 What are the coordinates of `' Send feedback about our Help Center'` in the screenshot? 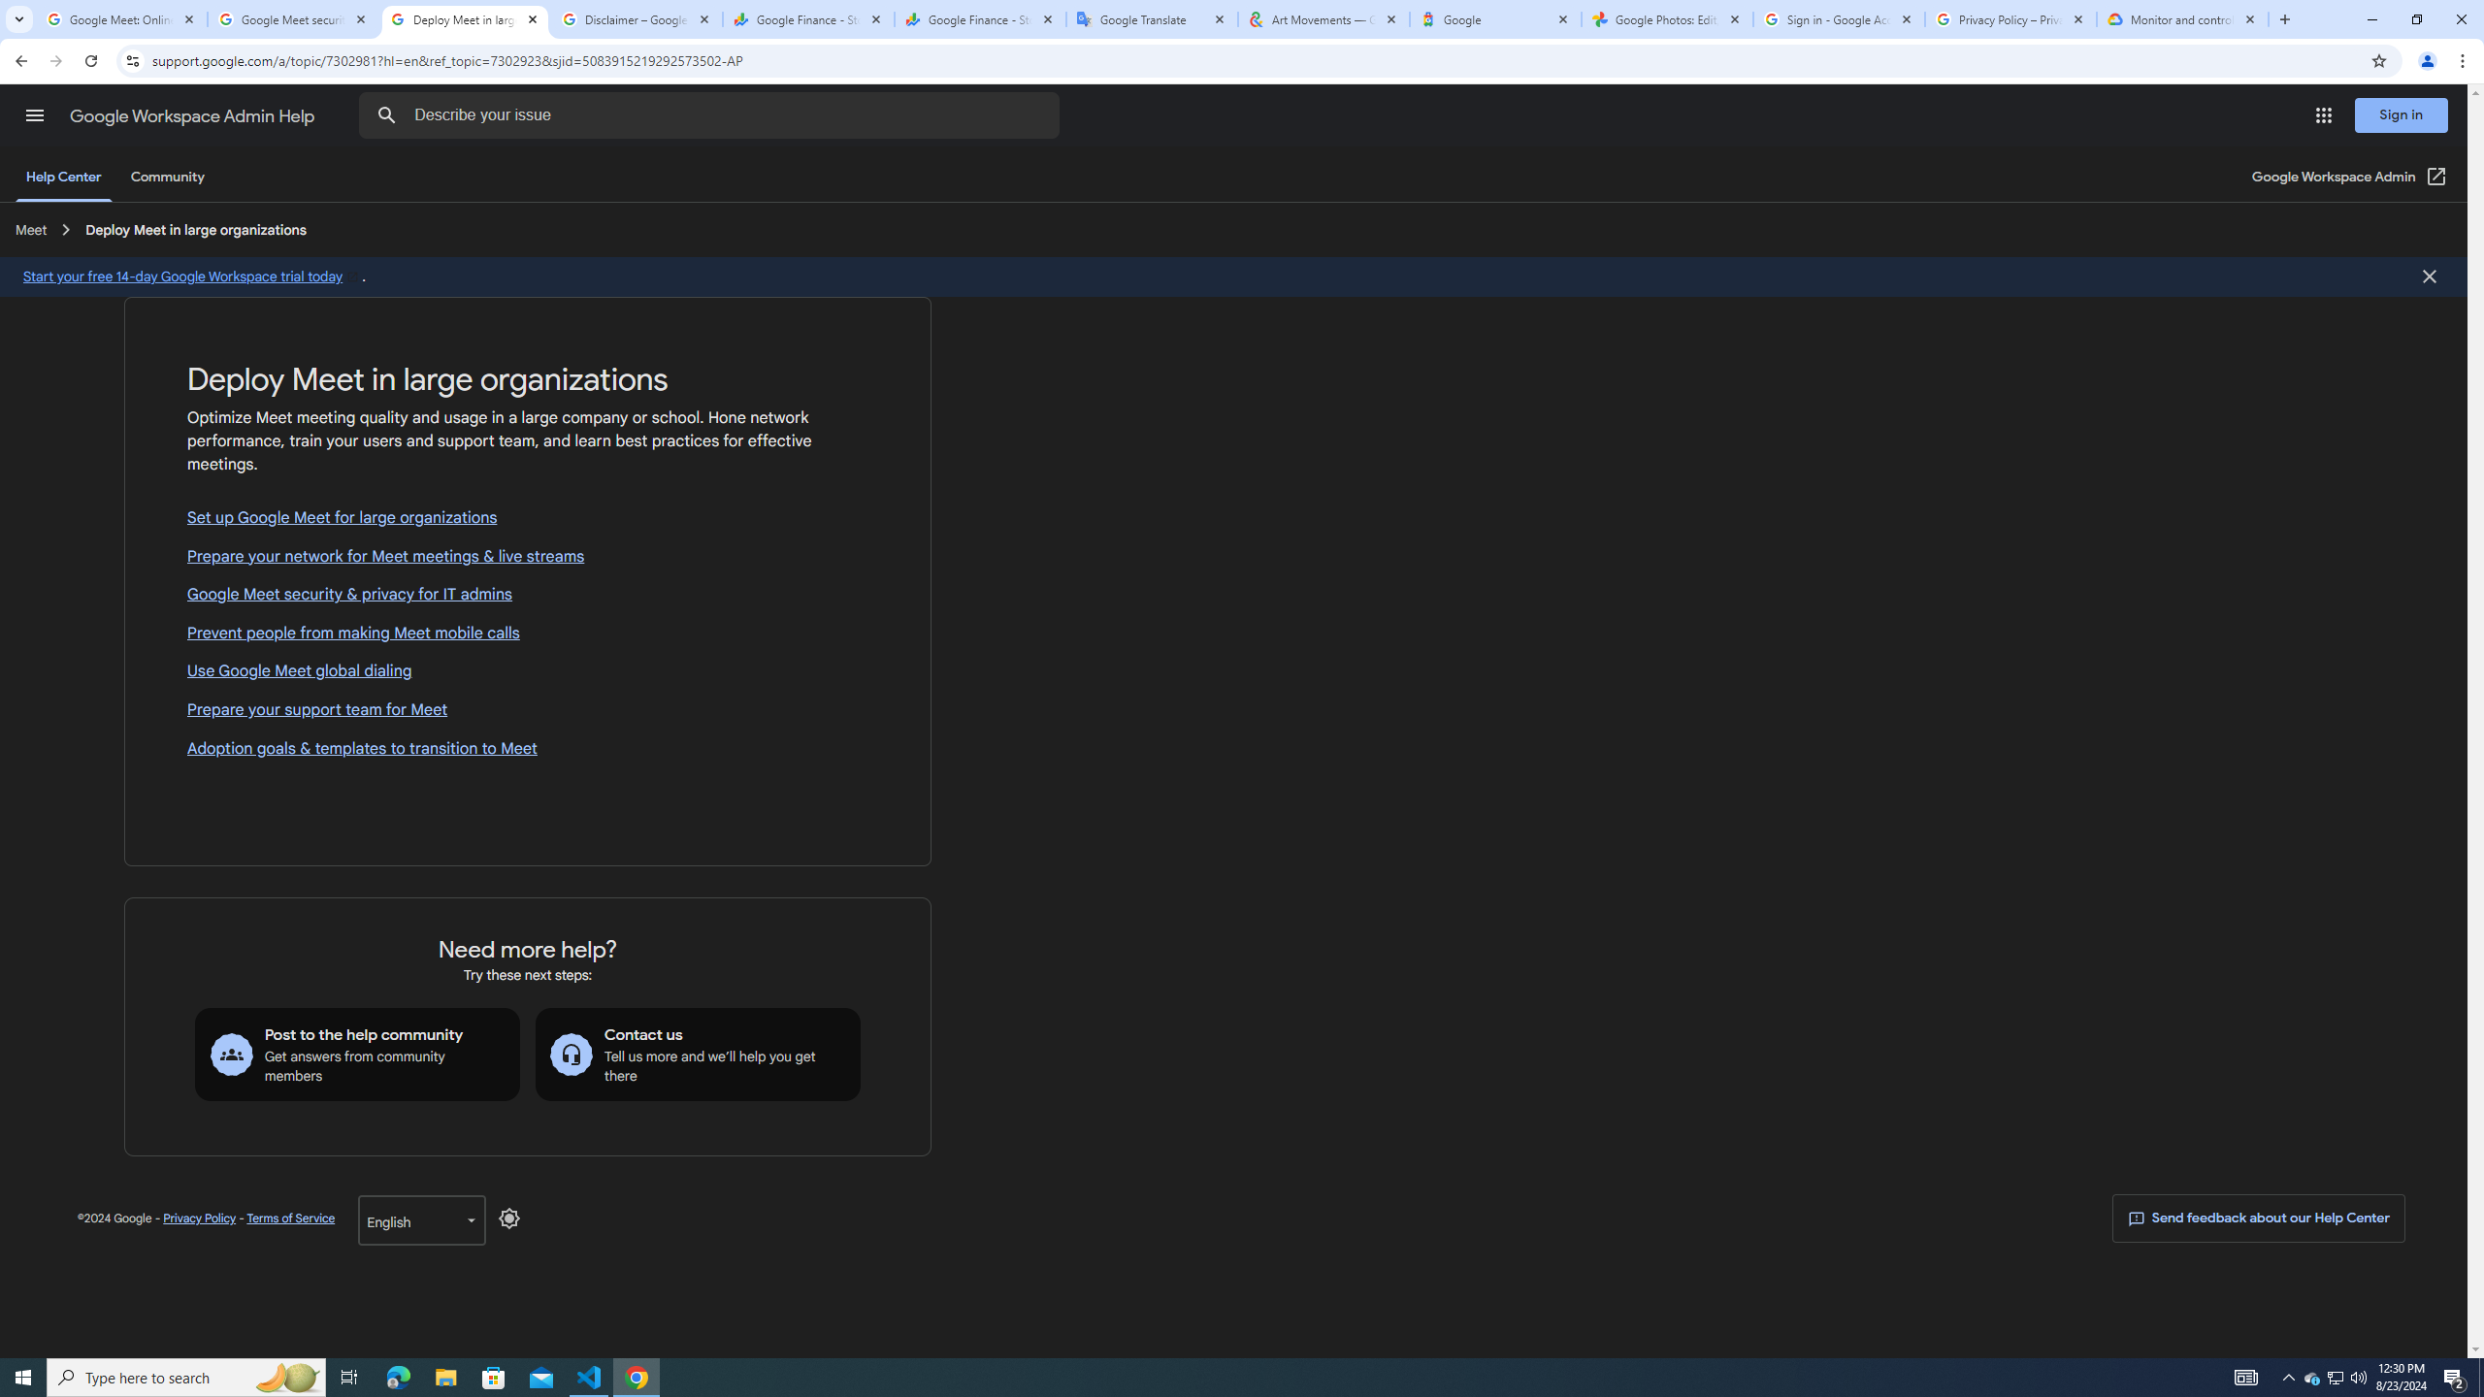 It's located at (2258, 1218).